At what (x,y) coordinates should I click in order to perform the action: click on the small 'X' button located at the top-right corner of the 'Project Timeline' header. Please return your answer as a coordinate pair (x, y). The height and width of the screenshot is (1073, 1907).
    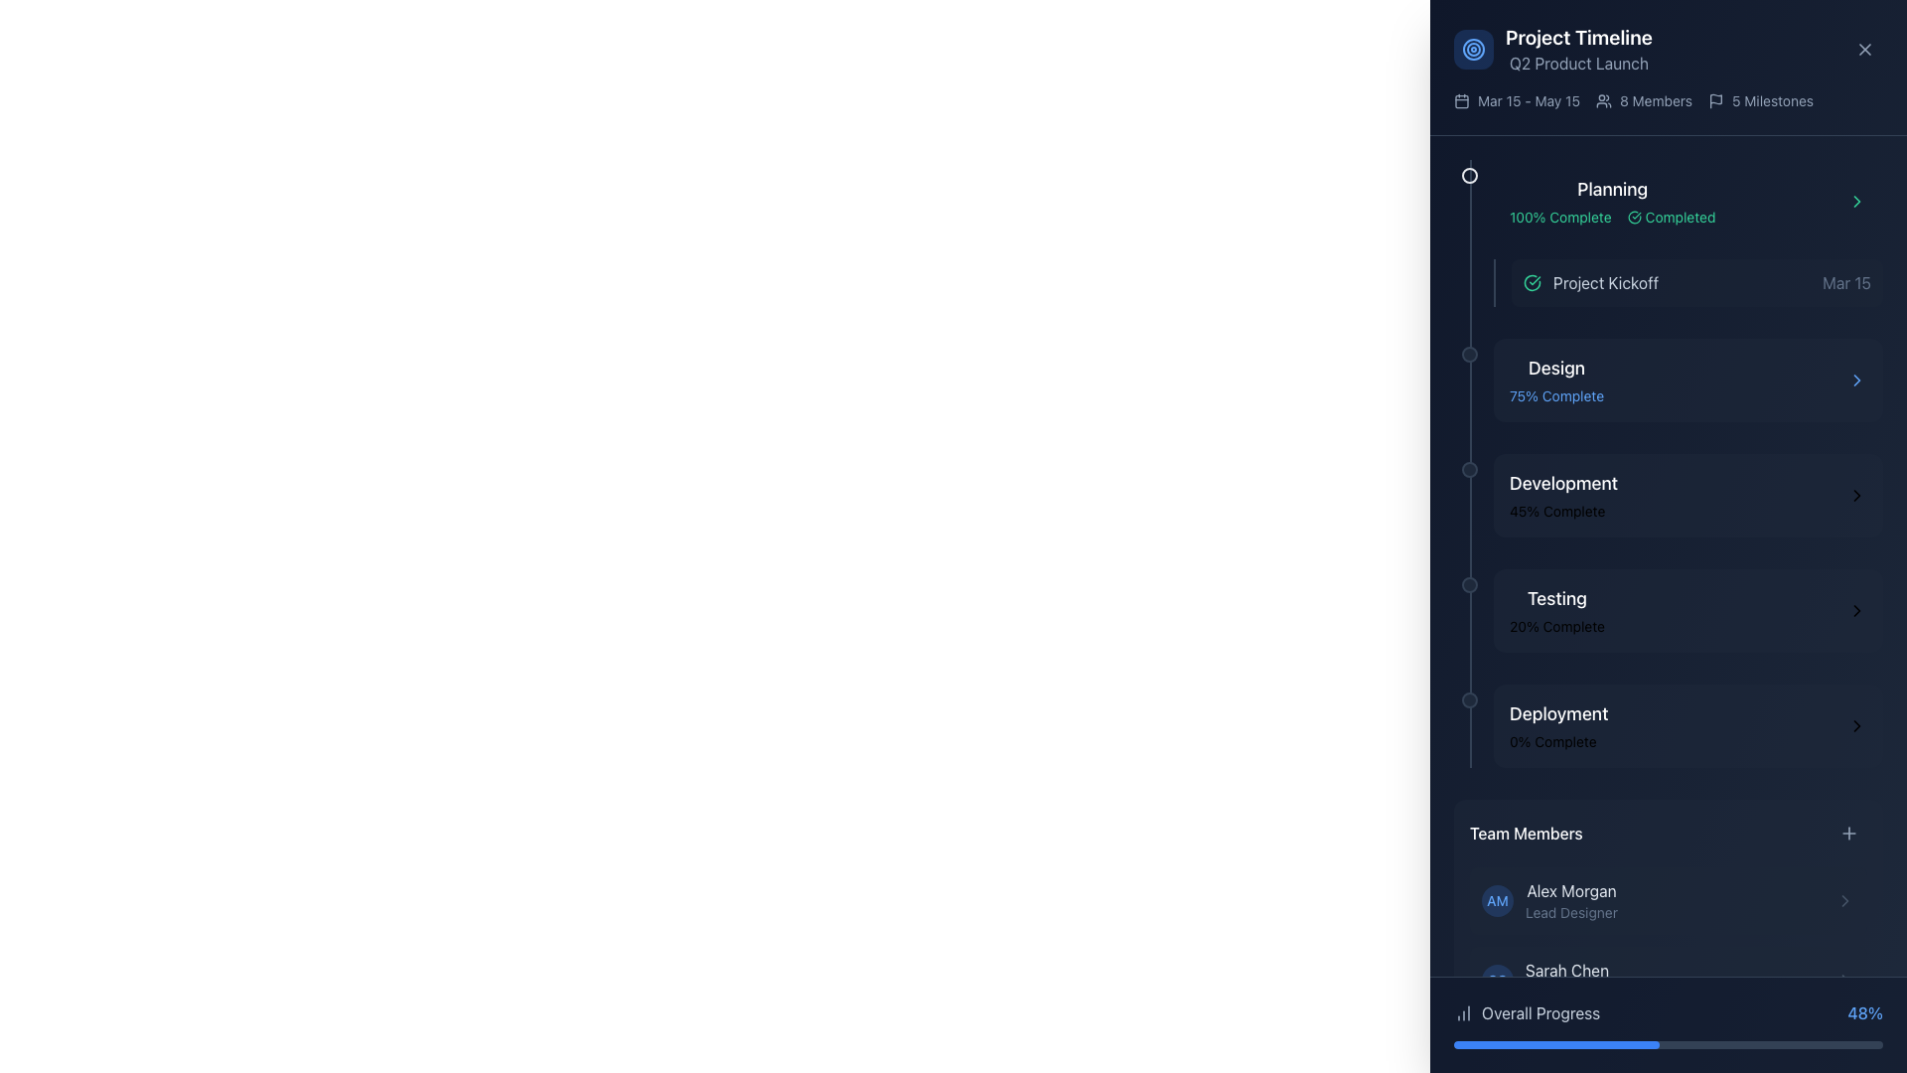
    Looking at the image, I should click on (1863, 49).